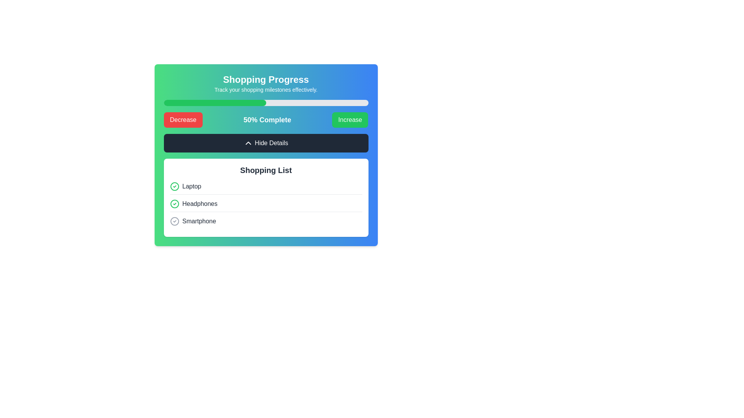 This screenshot has height=418, width=744. I want to click on the button that toggles the visibility of details within the 'Shopping List' section, so click(266, 143).